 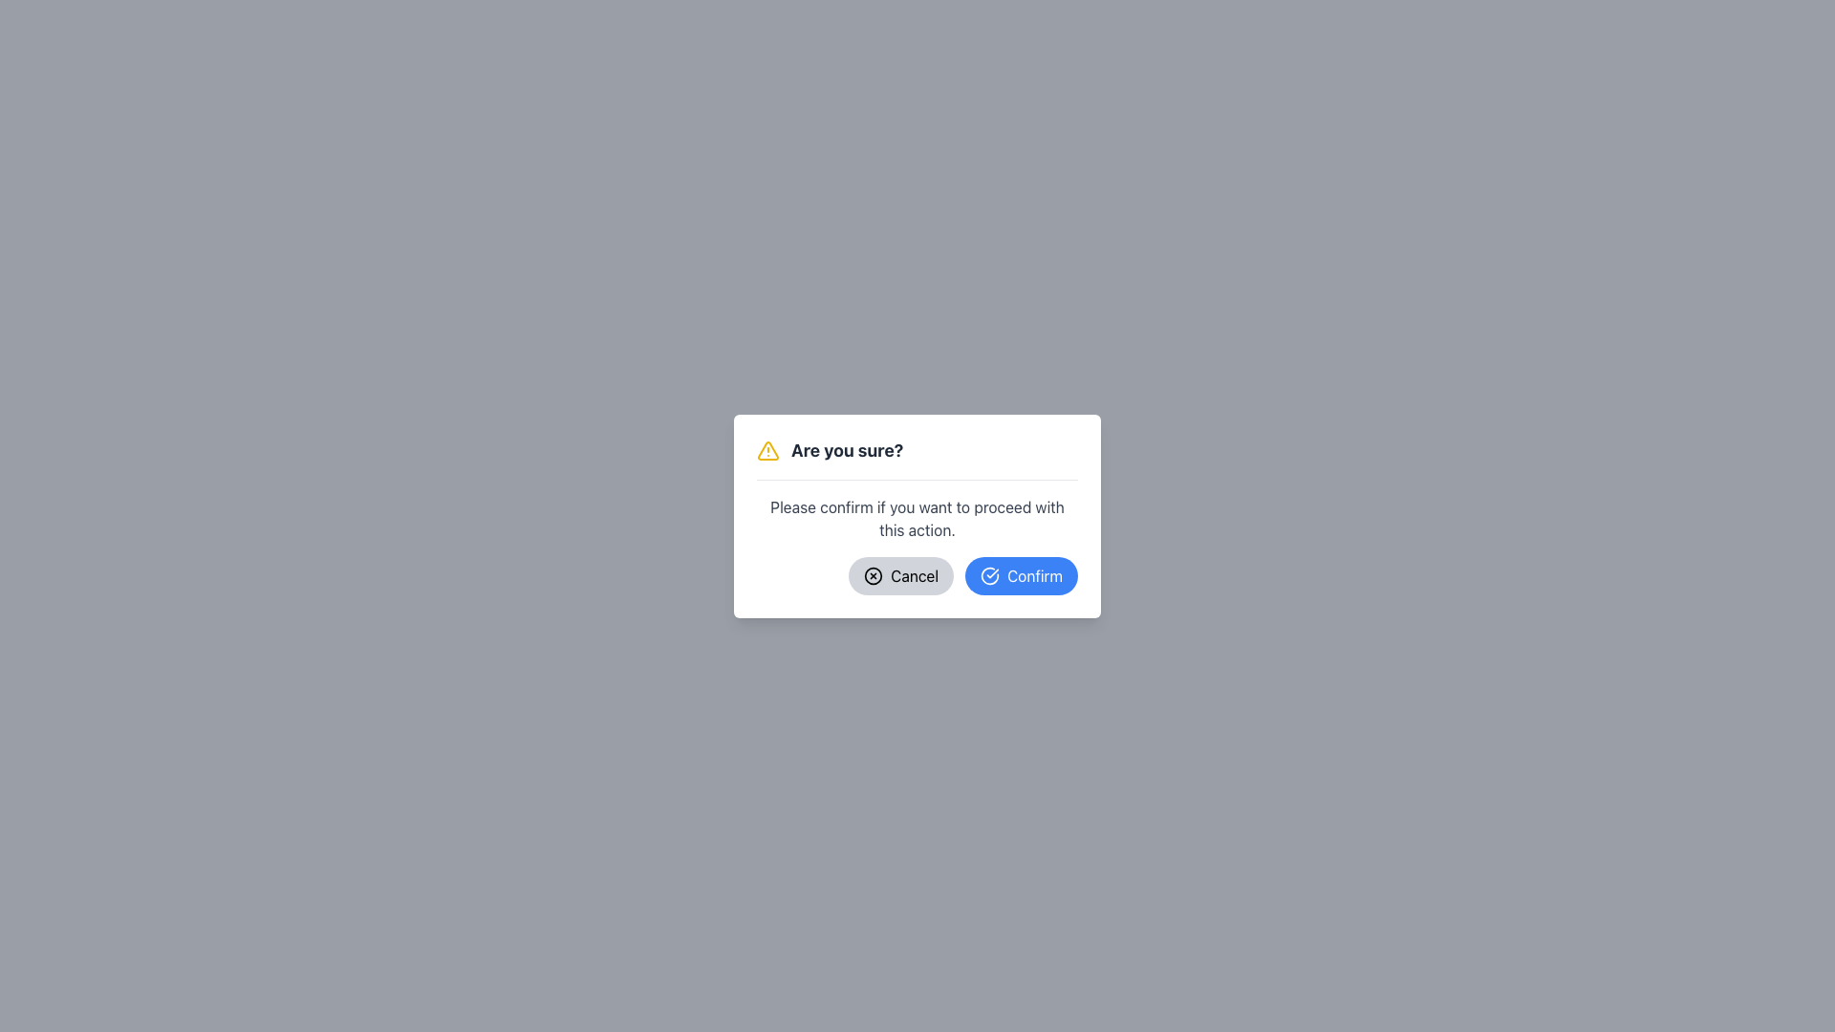 I want to click on explanatory static text located underneath the warning icon and heading 'Are you sure?' in the modal dialog, so click(x=917, y=518).